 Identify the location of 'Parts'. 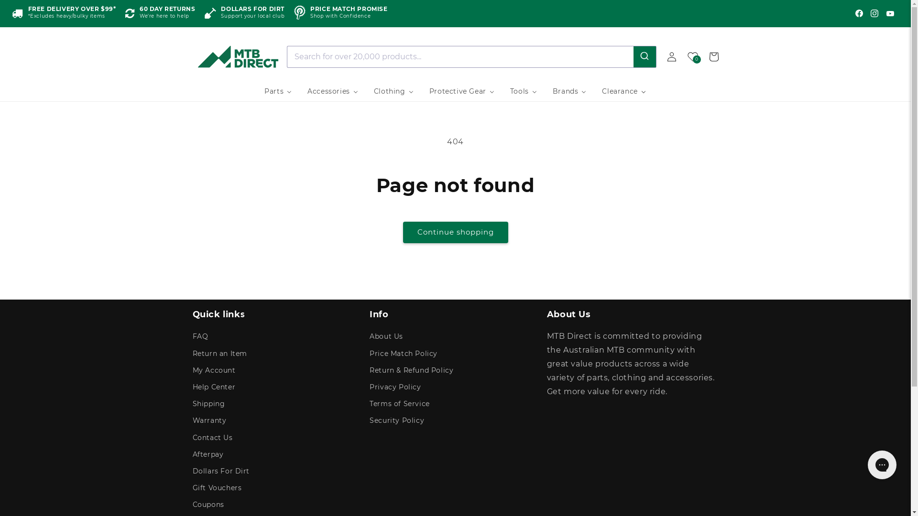
(277, 91).